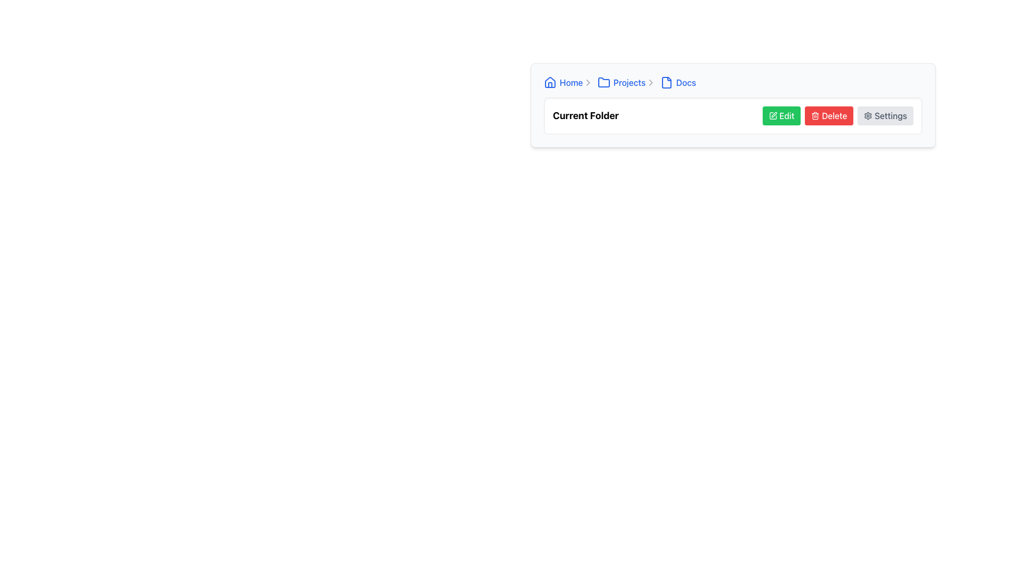 The height and width of the screenshot is (569, 1012). What do you see at coordinates (621, 82) in the screenshot?
I see `the 'Projects' hyperlink in the breadcrumb navigation bar to change the text color to a darker shade of blue` at bounding box center [621, 82].